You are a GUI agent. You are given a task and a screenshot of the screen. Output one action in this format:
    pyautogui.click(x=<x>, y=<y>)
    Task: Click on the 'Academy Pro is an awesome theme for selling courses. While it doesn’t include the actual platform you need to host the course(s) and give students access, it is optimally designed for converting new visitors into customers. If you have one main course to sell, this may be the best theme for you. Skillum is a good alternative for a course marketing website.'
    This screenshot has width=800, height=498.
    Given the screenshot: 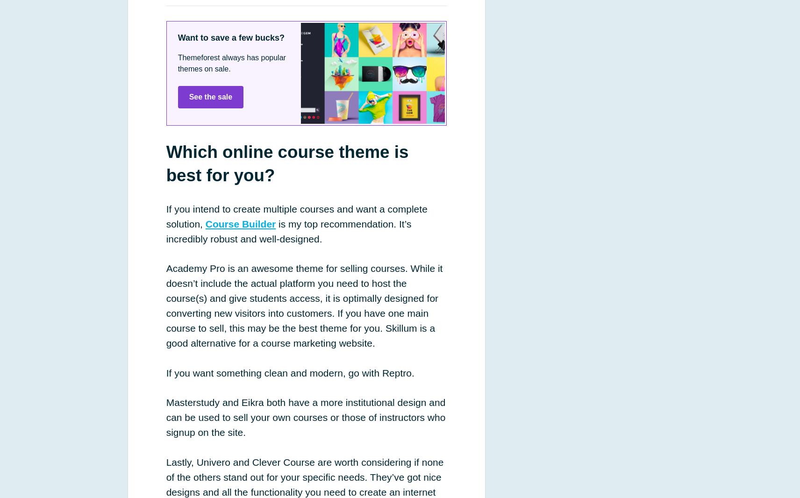 What is the action you would take?
    pyautogui.click(x=304, y=305)
    